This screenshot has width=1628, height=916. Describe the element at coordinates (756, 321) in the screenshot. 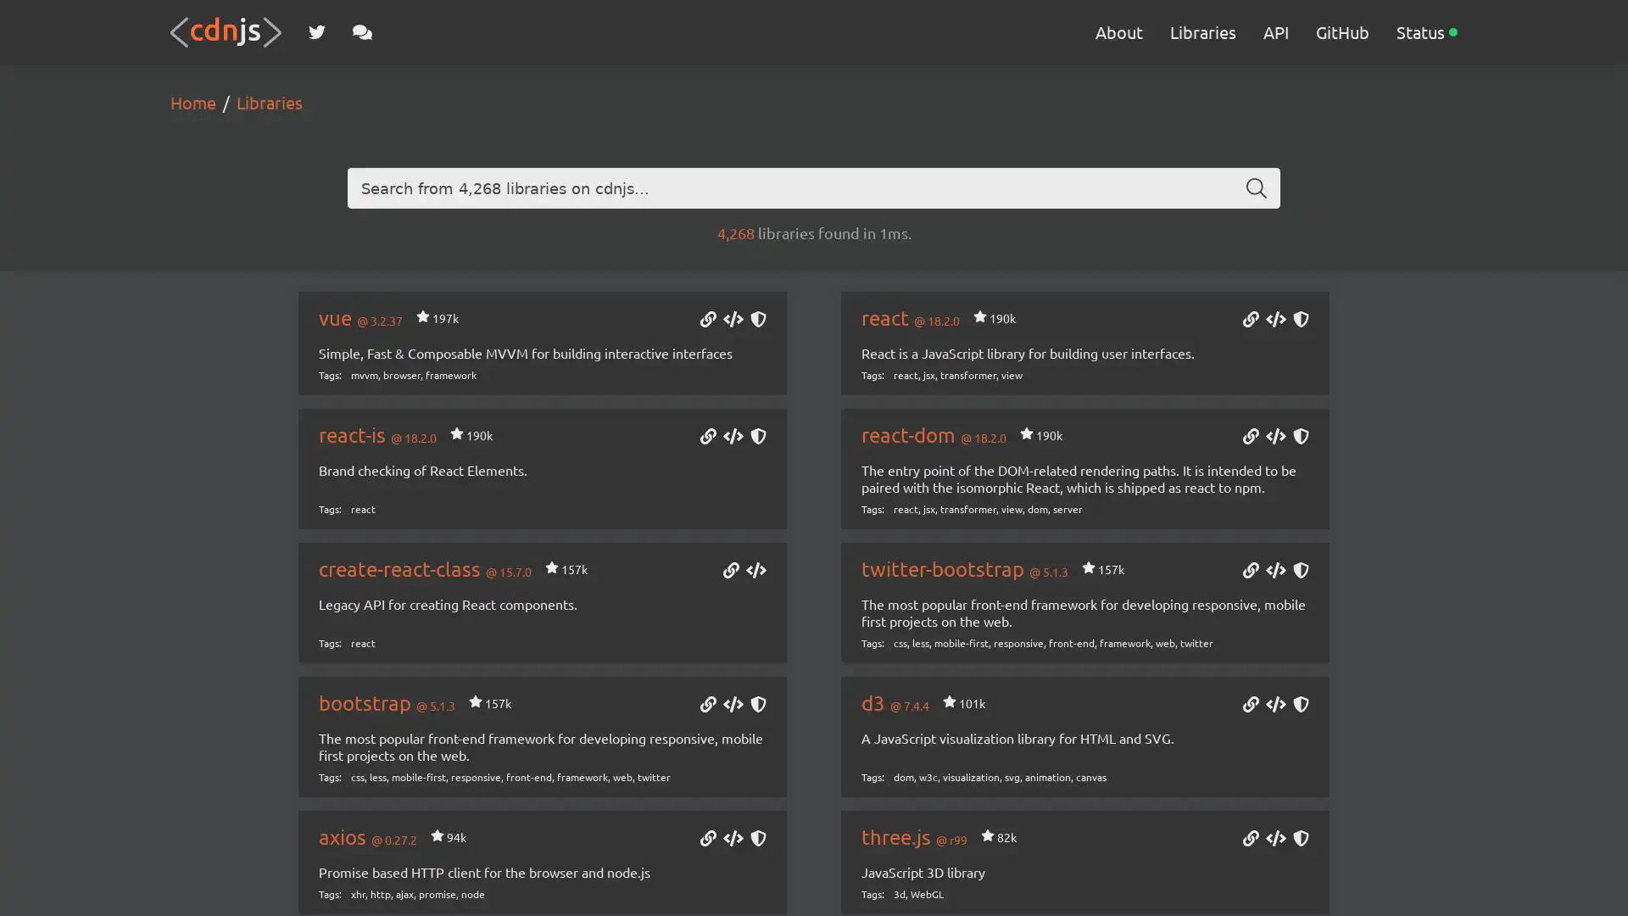

I see `Copy SRI Hash` at that location.